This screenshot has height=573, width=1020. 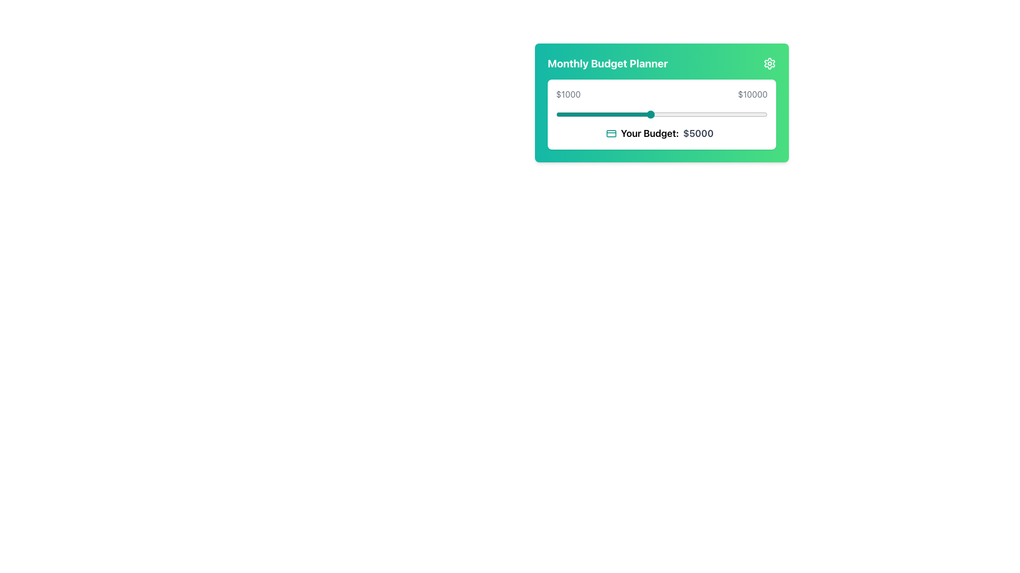 What do you see at coordinates (649, 115) in the screenshot?
I see `the budget slider` at bounding box center [649, 115].